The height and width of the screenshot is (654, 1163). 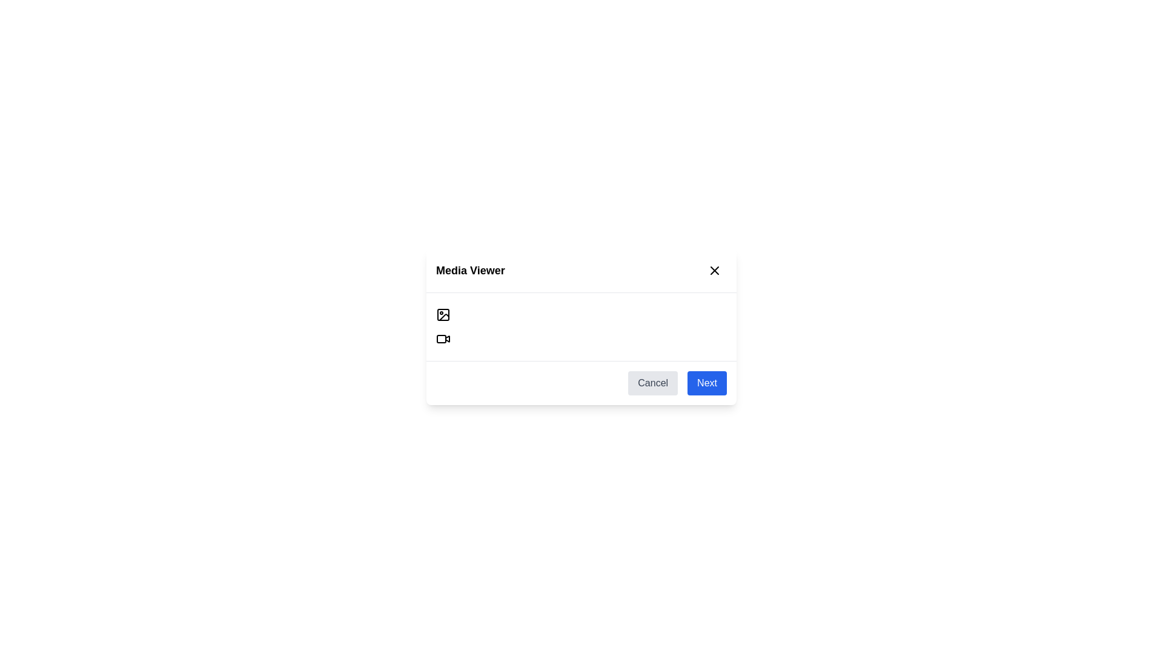 What do you see at coordinates (447, 339) in the screenshot?
I see `the second icon in the row, which activates video-related functions` at bounding box center [447, 339].